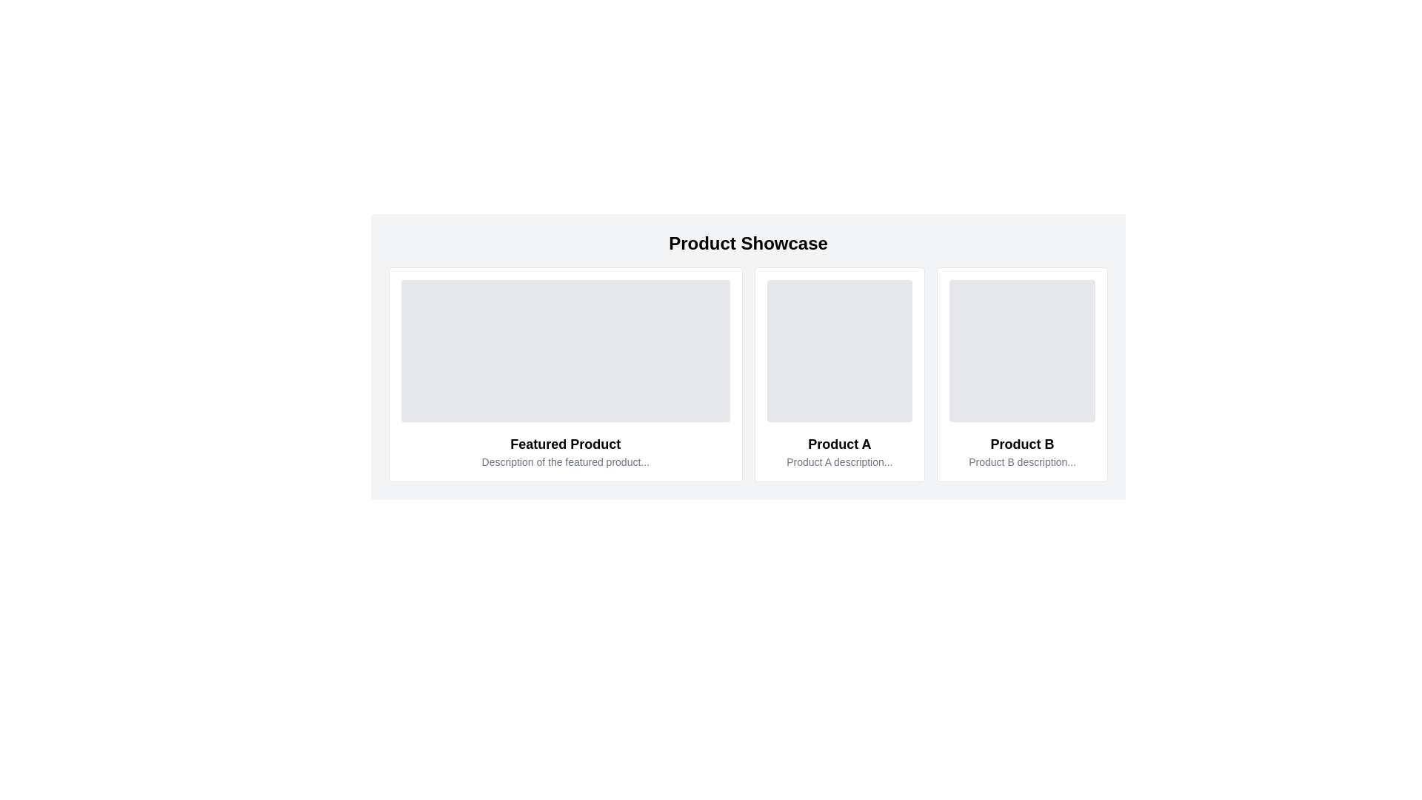  I want to click on the 'Featured Product' text label, which is styled in bold and located in the center of the leftmost product card, just above the smaller descriptive text and below the gray image placeholder, so click(564, 444).